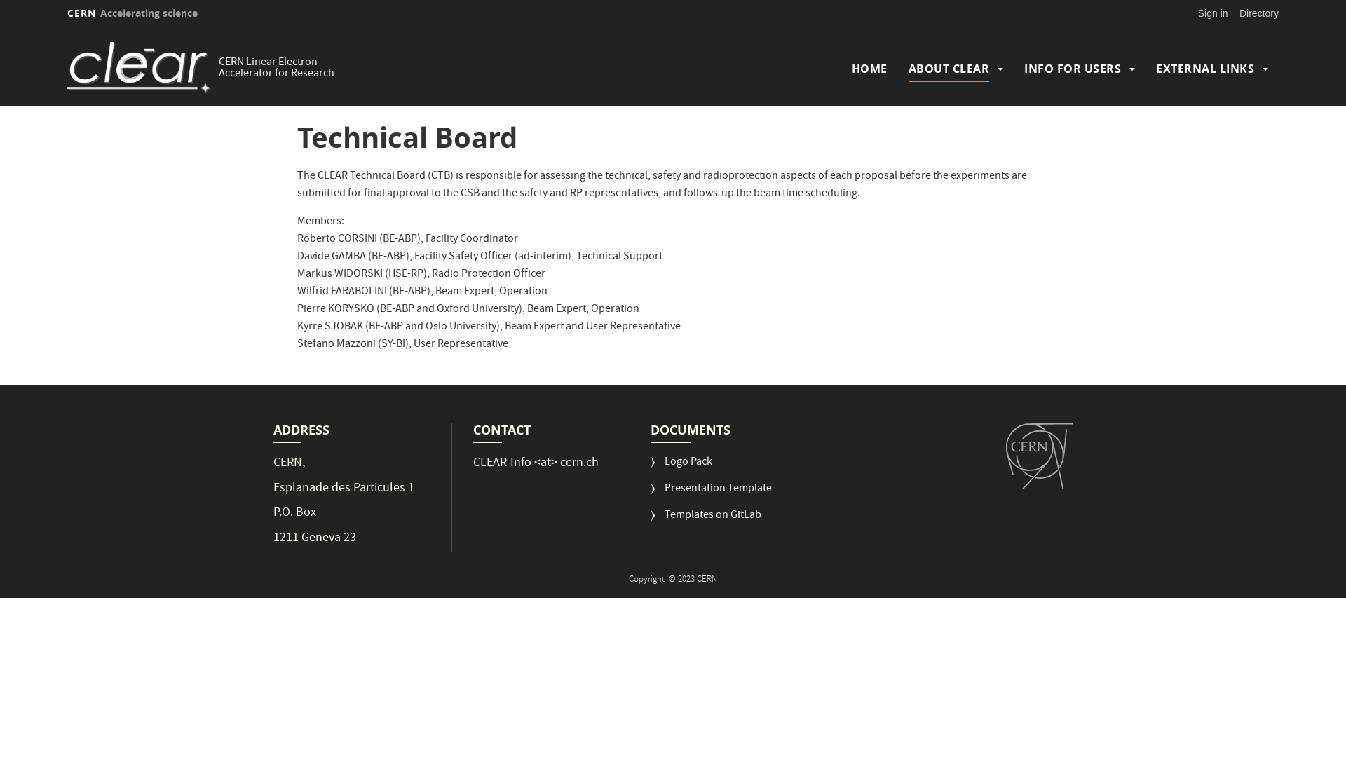 Image resolution: width=1346 pixels, height=757 pixels. Describe the element at coordinates (706, 521) in the screenshot. I see `'Templates on GitLab'` at that location.